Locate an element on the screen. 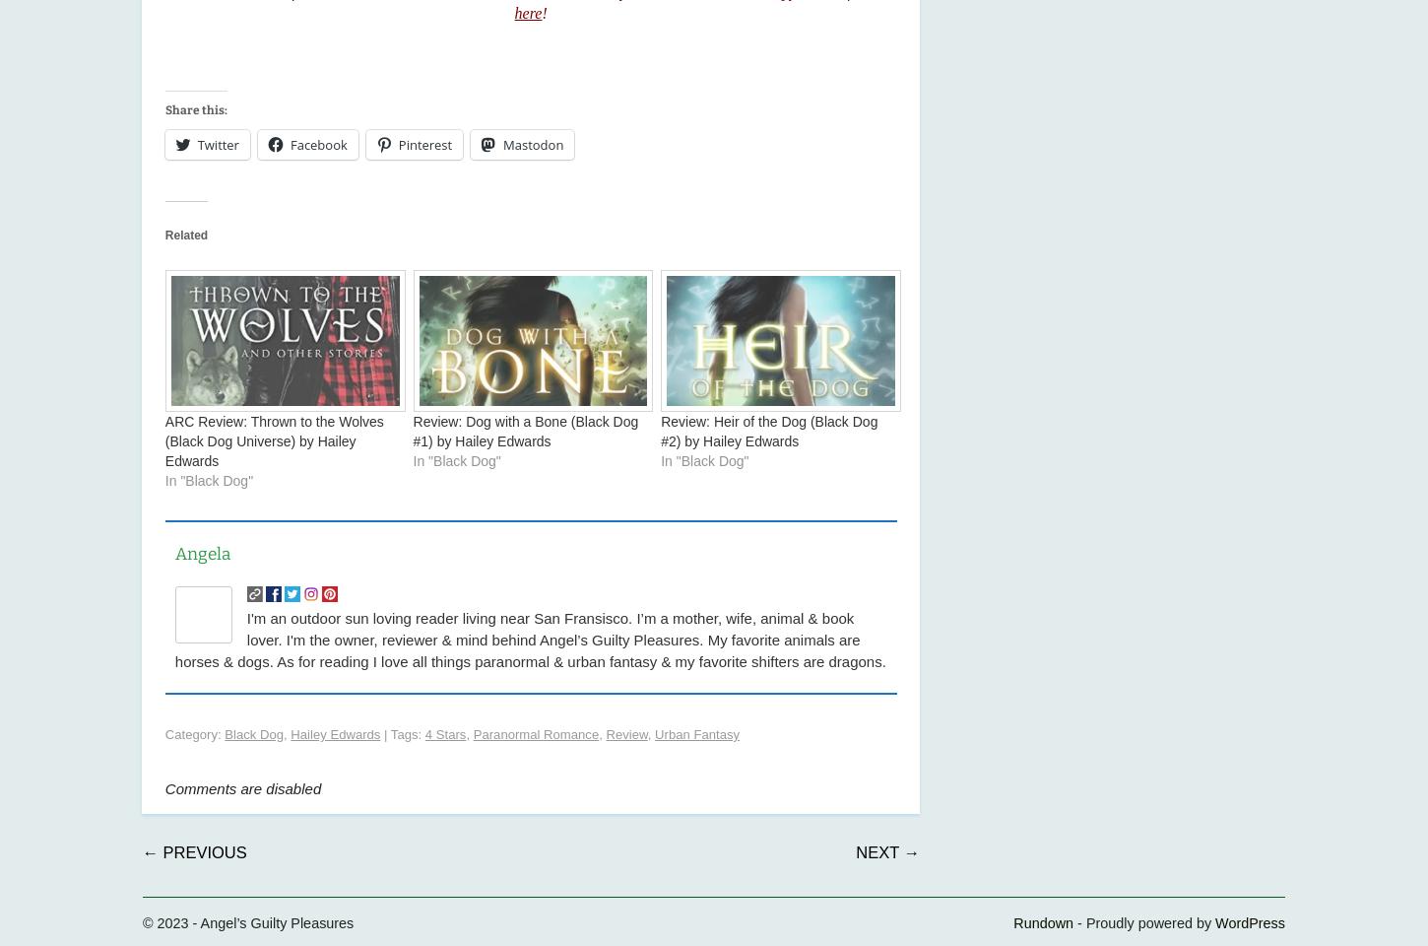 This screenshot has width=1428, height=946. '!' is located at coordinates (544, 12).